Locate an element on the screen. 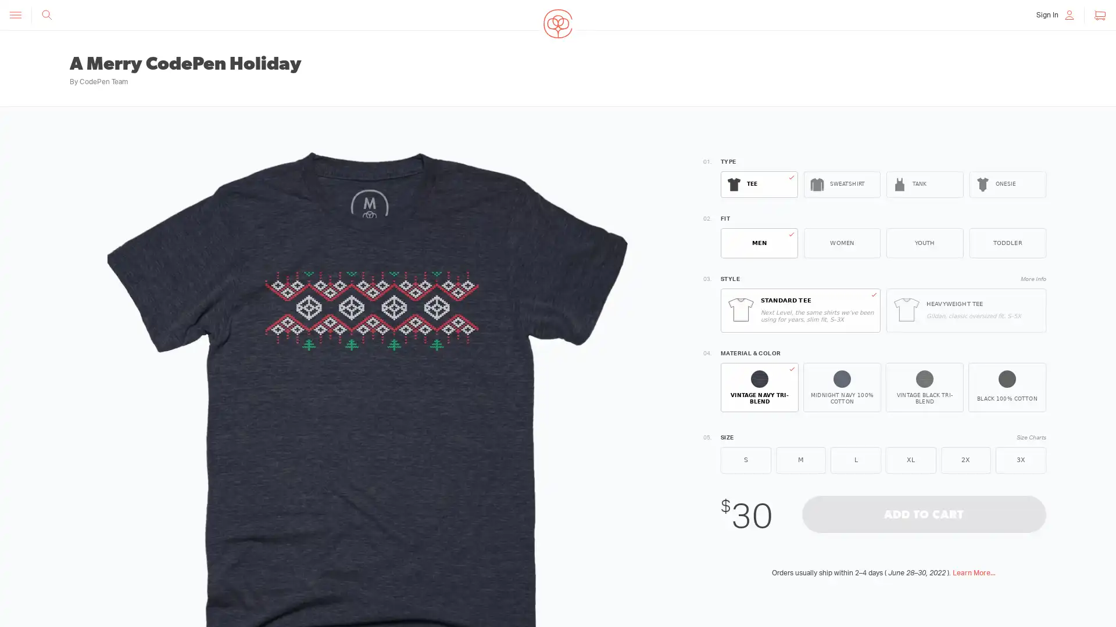 The height and width of the screenshot is (627, 1116). M is located at coordinates (800, 459).